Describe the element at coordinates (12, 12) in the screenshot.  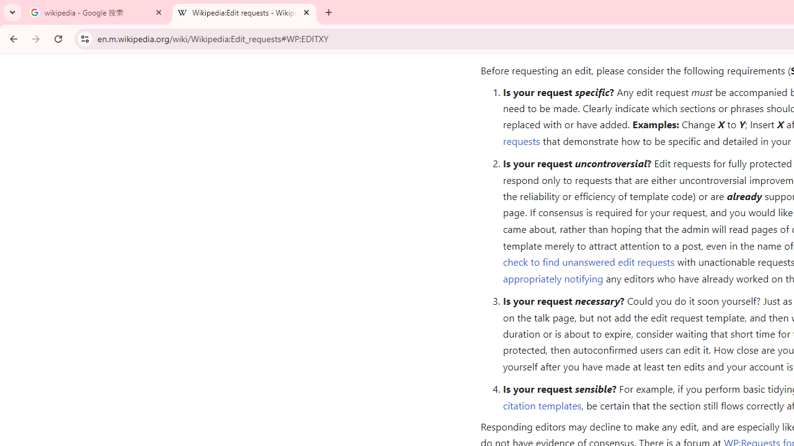
I see `'Search tabs'` at that location.